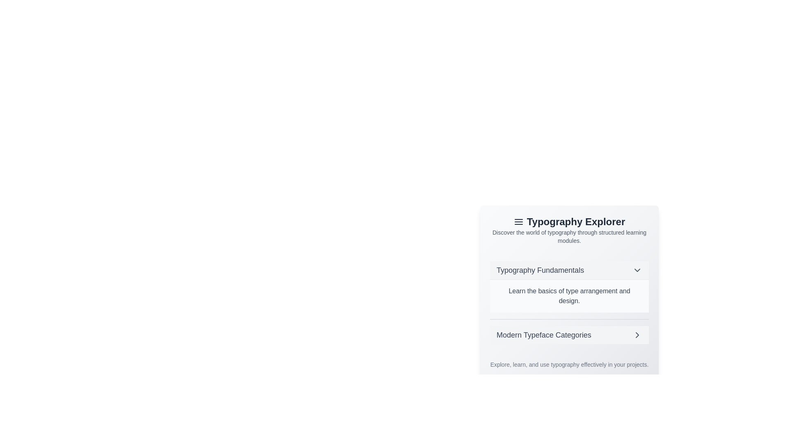 This screenshot has height=443, width=788. What do you see at coordinates (569, 286) in the screenshot?
I see `the informational block that presents an introductory header for typography fundamentals, located above 'Modern Typeface Categories'` at bounding box center [569, 286].